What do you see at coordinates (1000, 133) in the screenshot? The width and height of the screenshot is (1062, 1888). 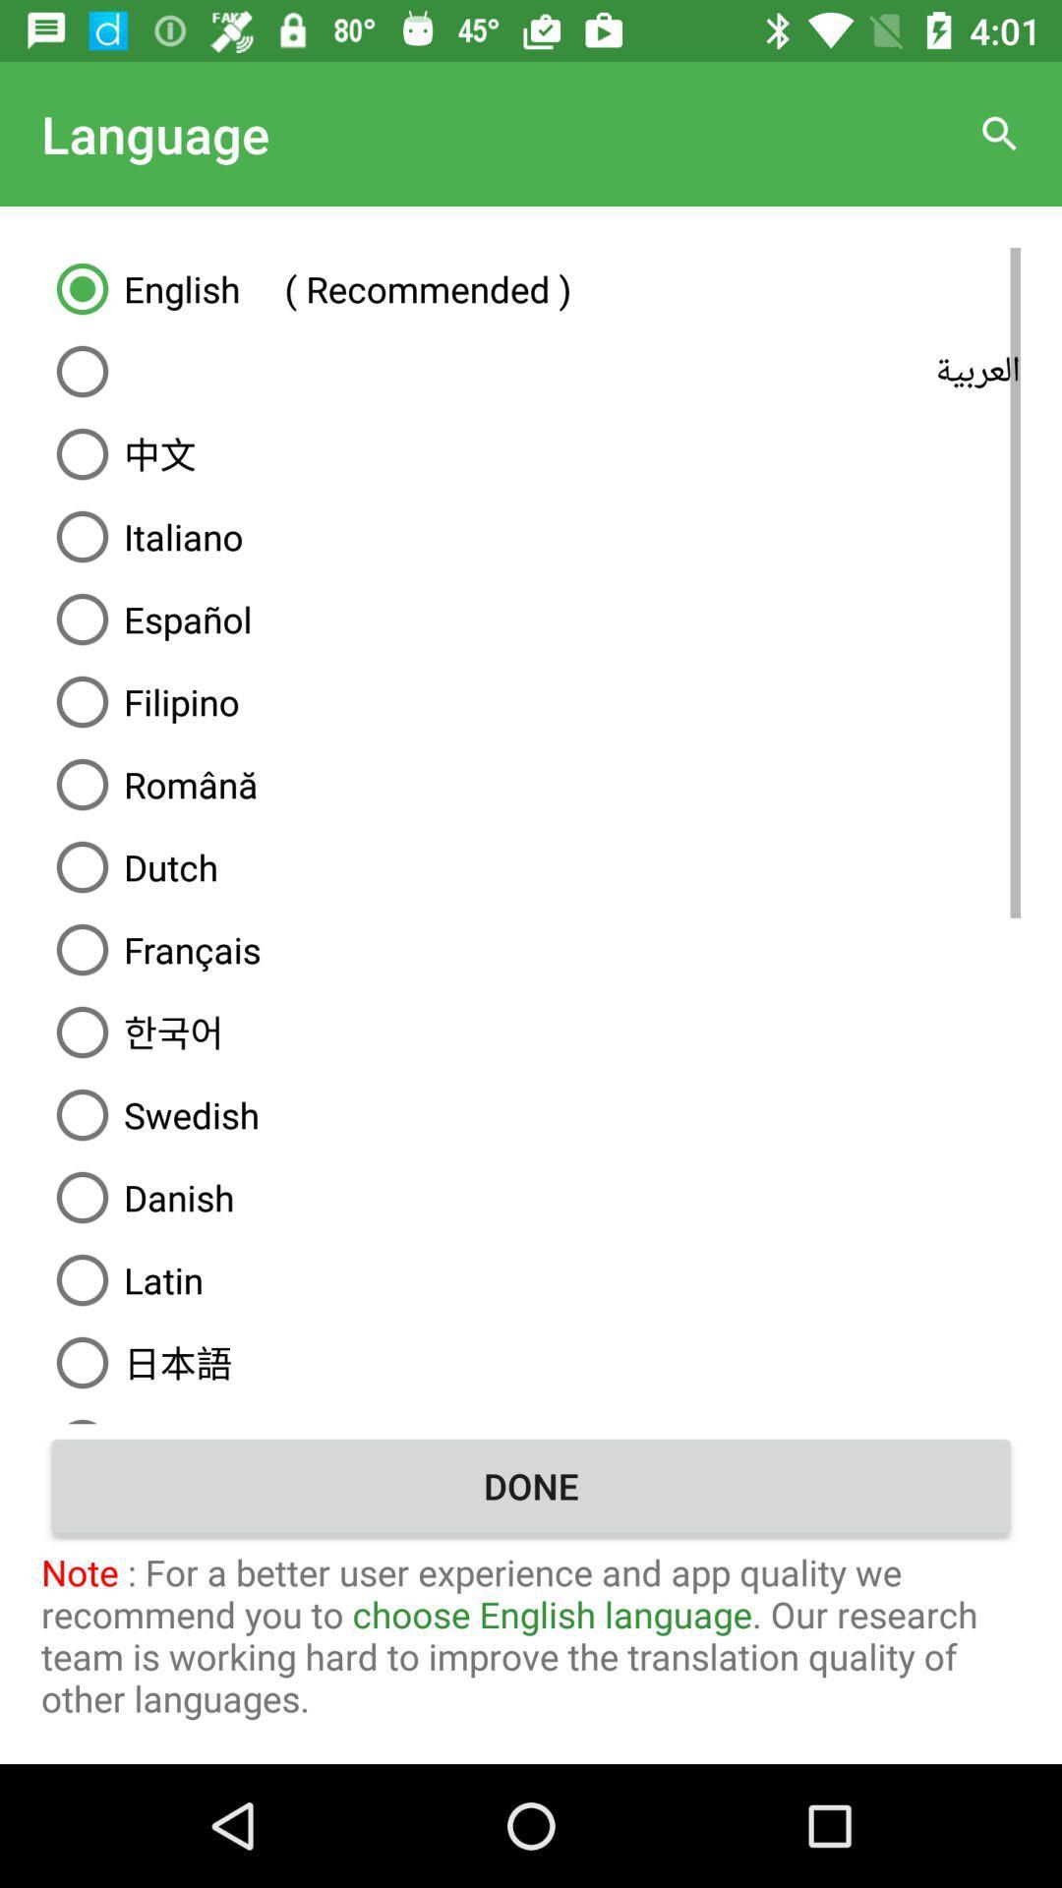 I see `icon next to language icon` at bounding box center [1000, 133].